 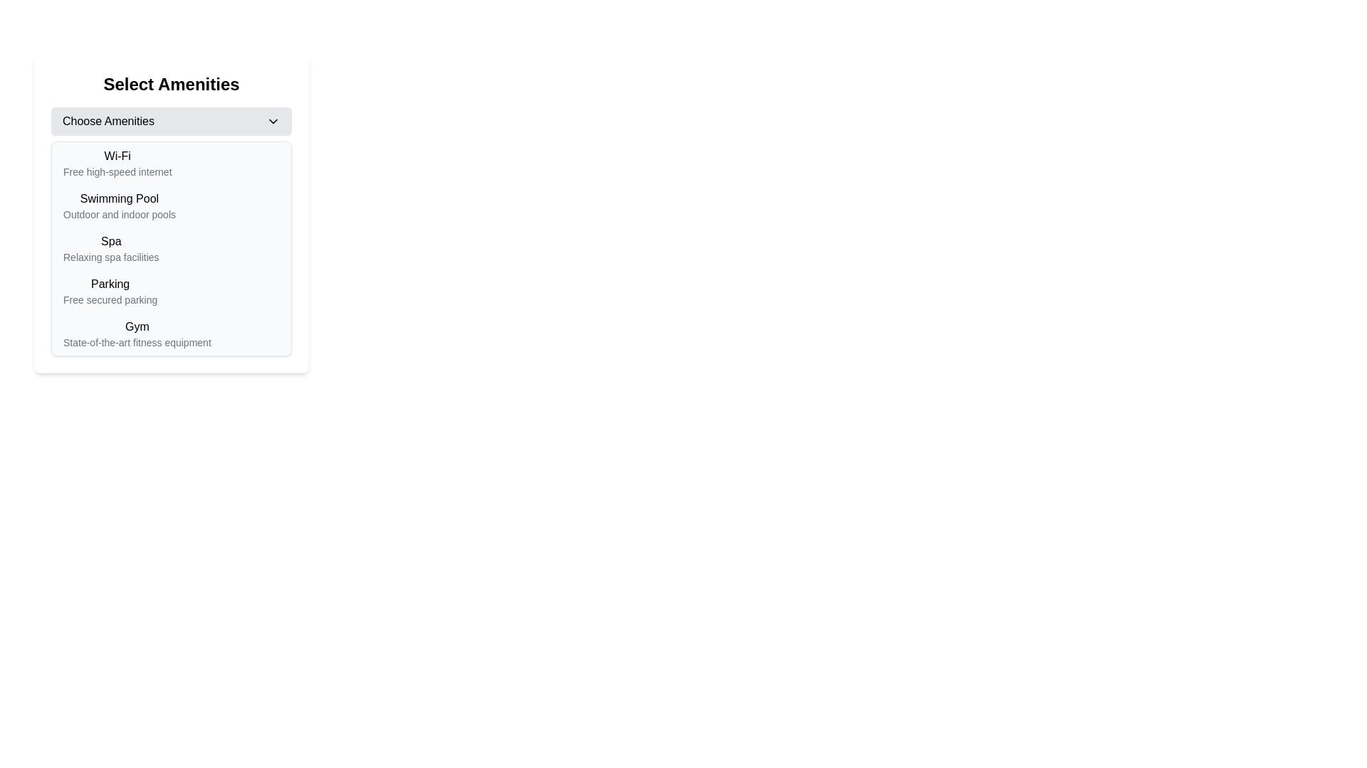 I want to click on the 'Wi-Fi' text label, which is positioned above a smaller description in a white dropdown area, located at the top of a grouped list of amenities, so click(x=117, y=156).